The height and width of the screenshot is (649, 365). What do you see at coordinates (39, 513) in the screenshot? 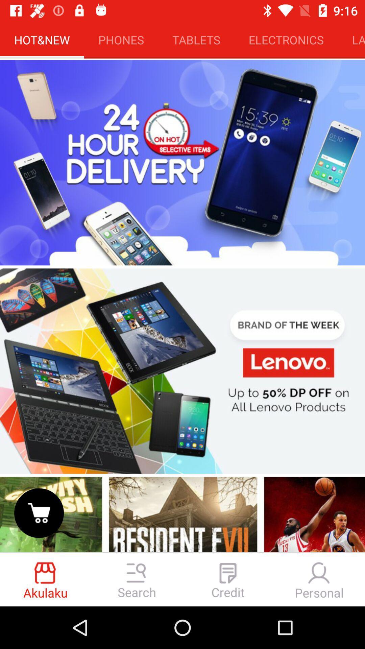
I see `item above the akulaku` at bounding box center [39, 513].